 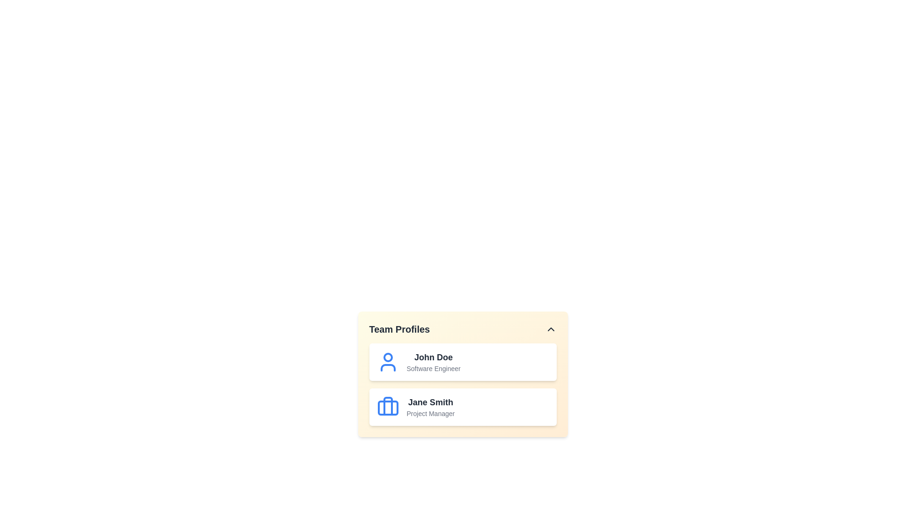 I want to click on the chevron-shaped icon button located, so click(x=551, y=328).